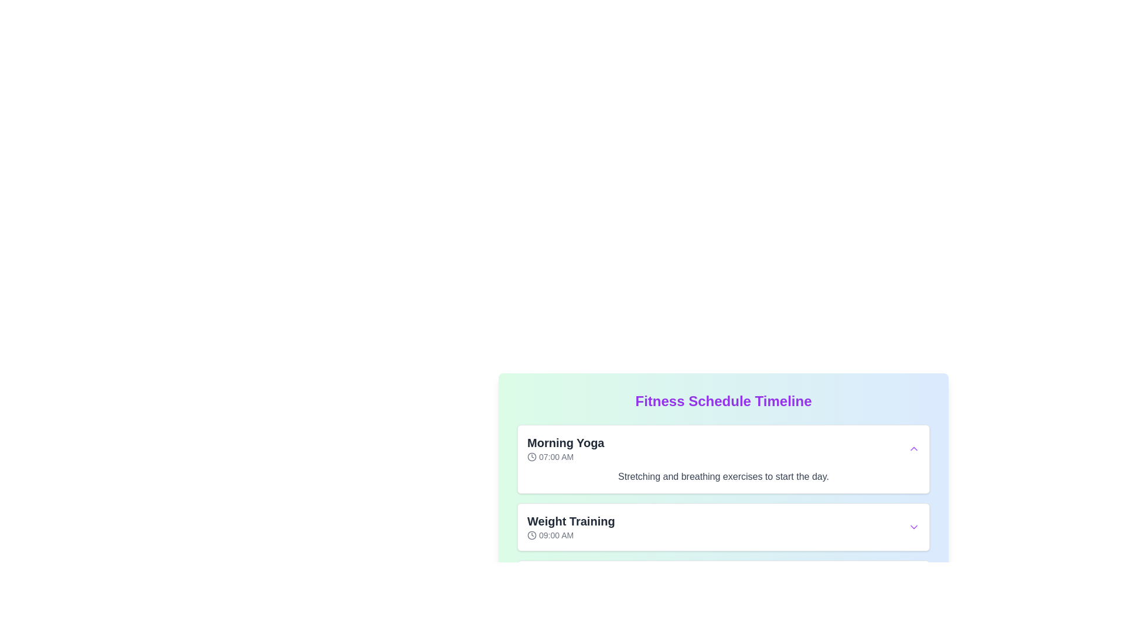 Image resolution: width=1125 pixels, height=632 pixels. What do you see at coordinates (913, 527) in the screenshot?
I see `the dropdown toggle icon button located to the right of the '09:00 AM' text` at bounding box center [913, 527].